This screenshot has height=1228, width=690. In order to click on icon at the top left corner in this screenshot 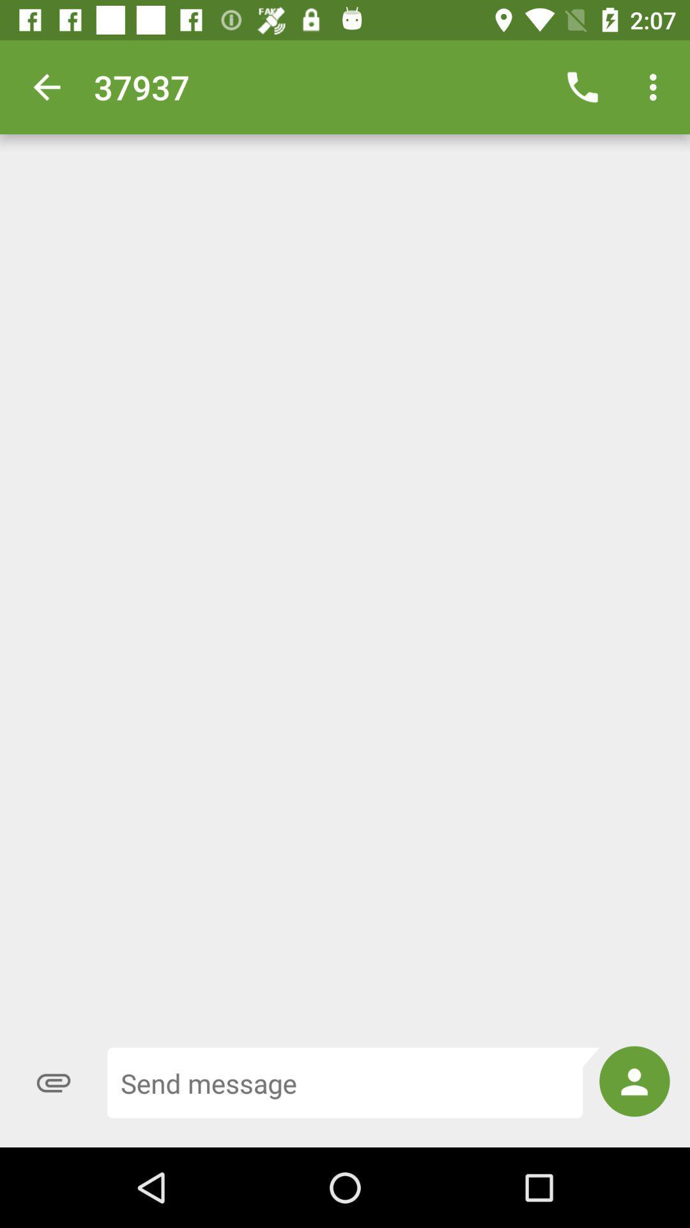, I will do `click(46, 86)`.